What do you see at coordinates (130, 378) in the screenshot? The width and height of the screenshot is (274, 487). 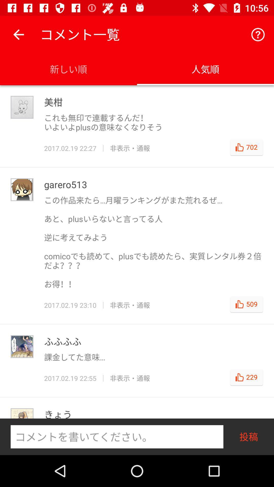 I see `the text which is left to number 229` at bounding box center [130, 378].